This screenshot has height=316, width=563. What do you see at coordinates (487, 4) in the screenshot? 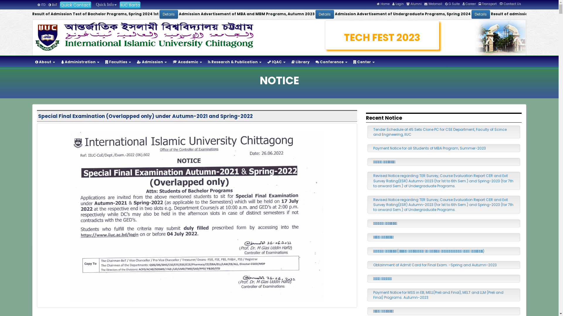
I see `'Transport'` at bounding box center [487, 4].